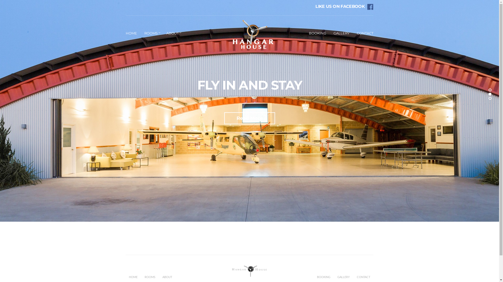  I want to click on 'CONTACT', so click(365, 34).